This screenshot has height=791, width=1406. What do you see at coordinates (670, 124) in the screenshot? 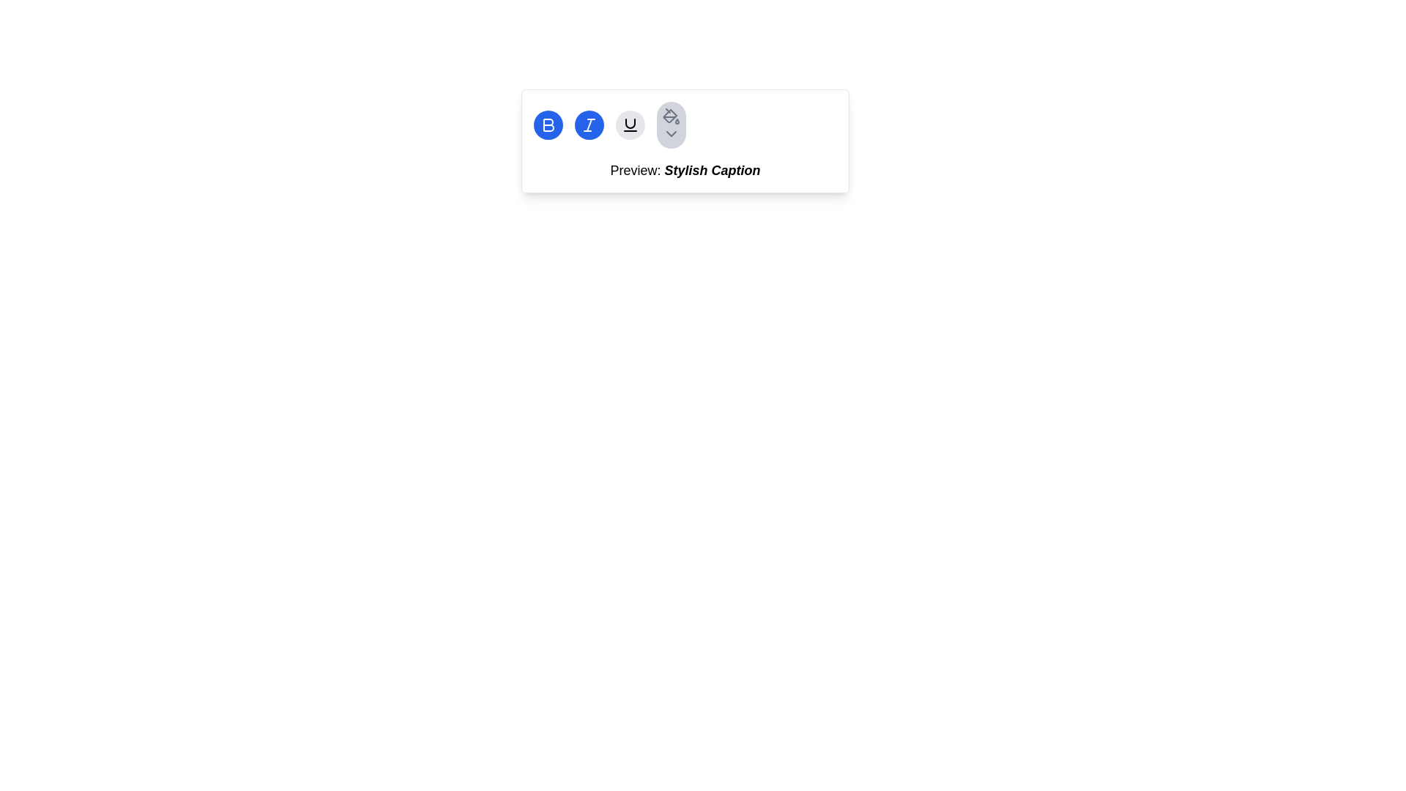
I see `the circular button with a light gray background and a gray paint bucket icon at the far-right end of the row` at bounding box center [670, 124].